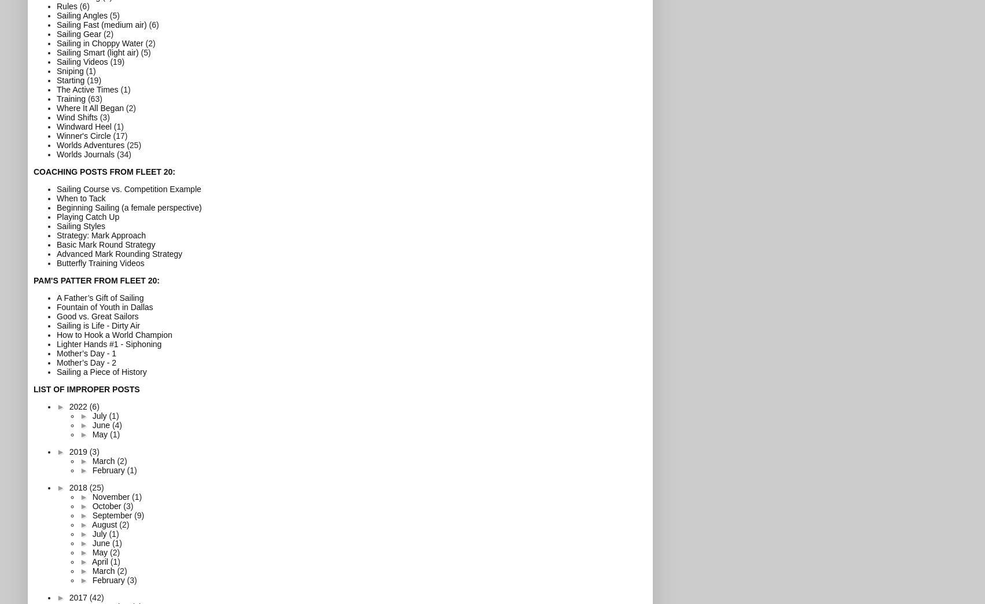  What do you see at coordinates (79, 33) in the screenshot?
I see `'Sailing Gear'` at bounding box center [79, 33].